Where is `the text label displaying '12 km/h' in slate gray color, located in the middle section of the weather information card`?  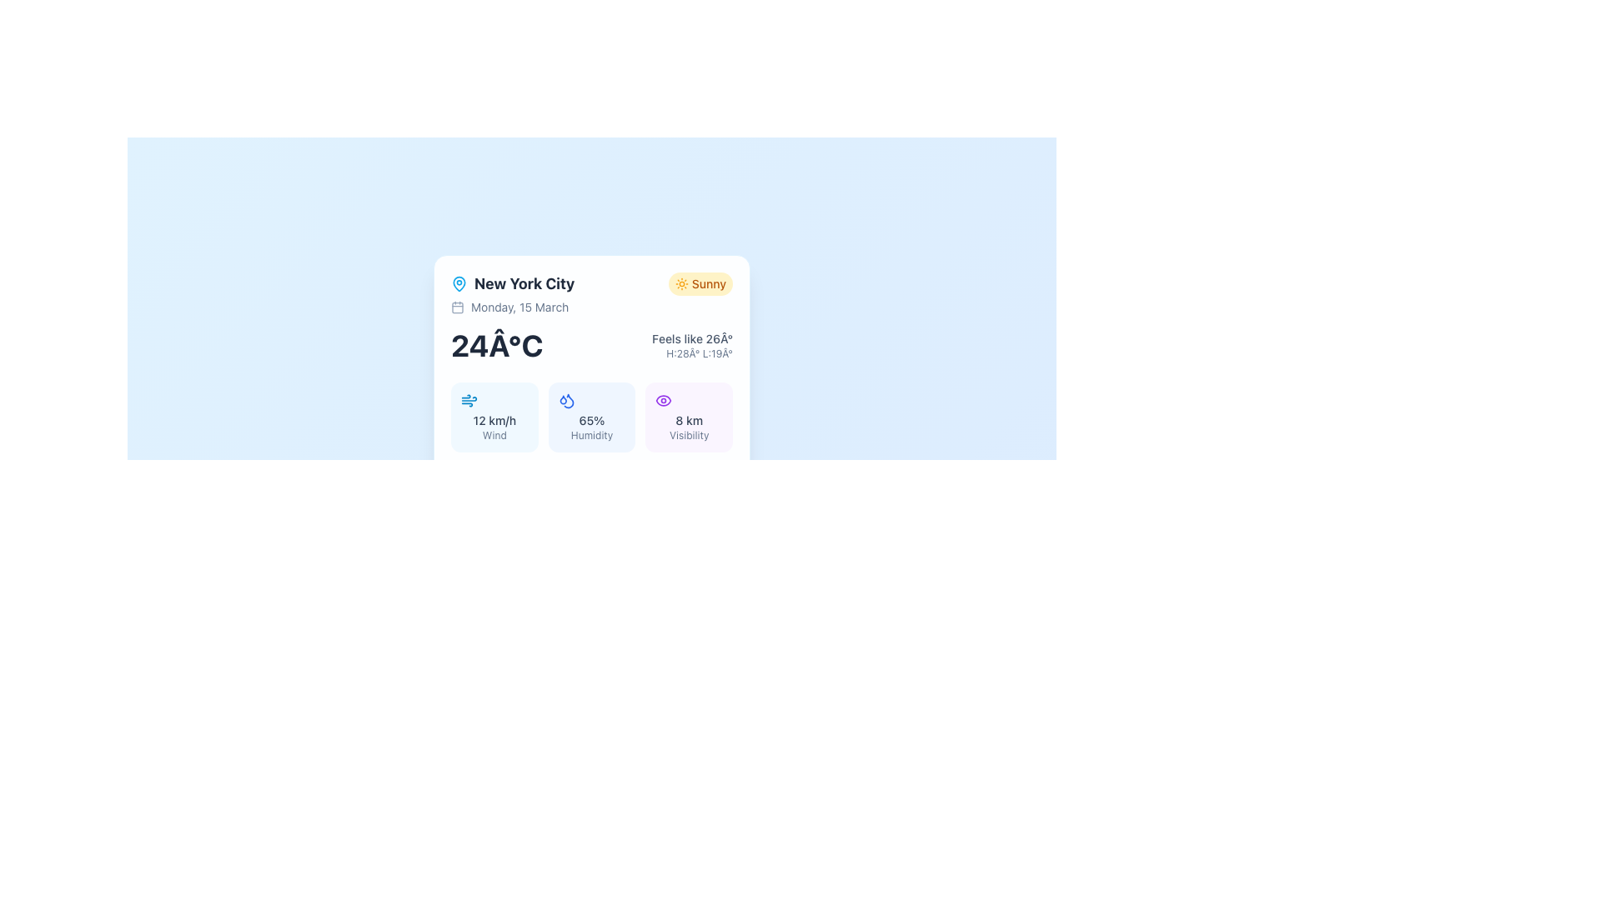 the text label displaying '12 km/h' in slate gray color, located in the middle section of the weather information card is located at coordinates (494, 420).